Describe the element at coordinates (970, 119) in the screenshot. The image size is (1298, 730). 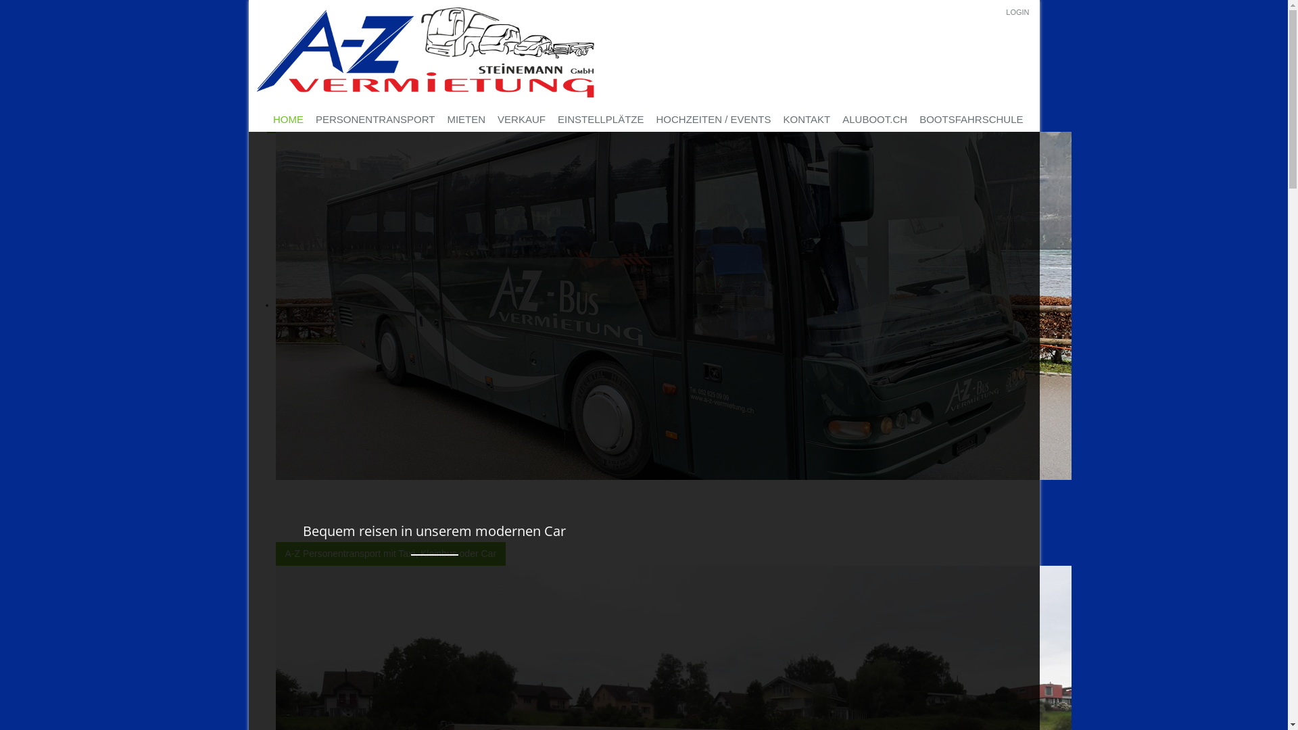
I see `'BOOTSFAHRSCHULE'` at that location.